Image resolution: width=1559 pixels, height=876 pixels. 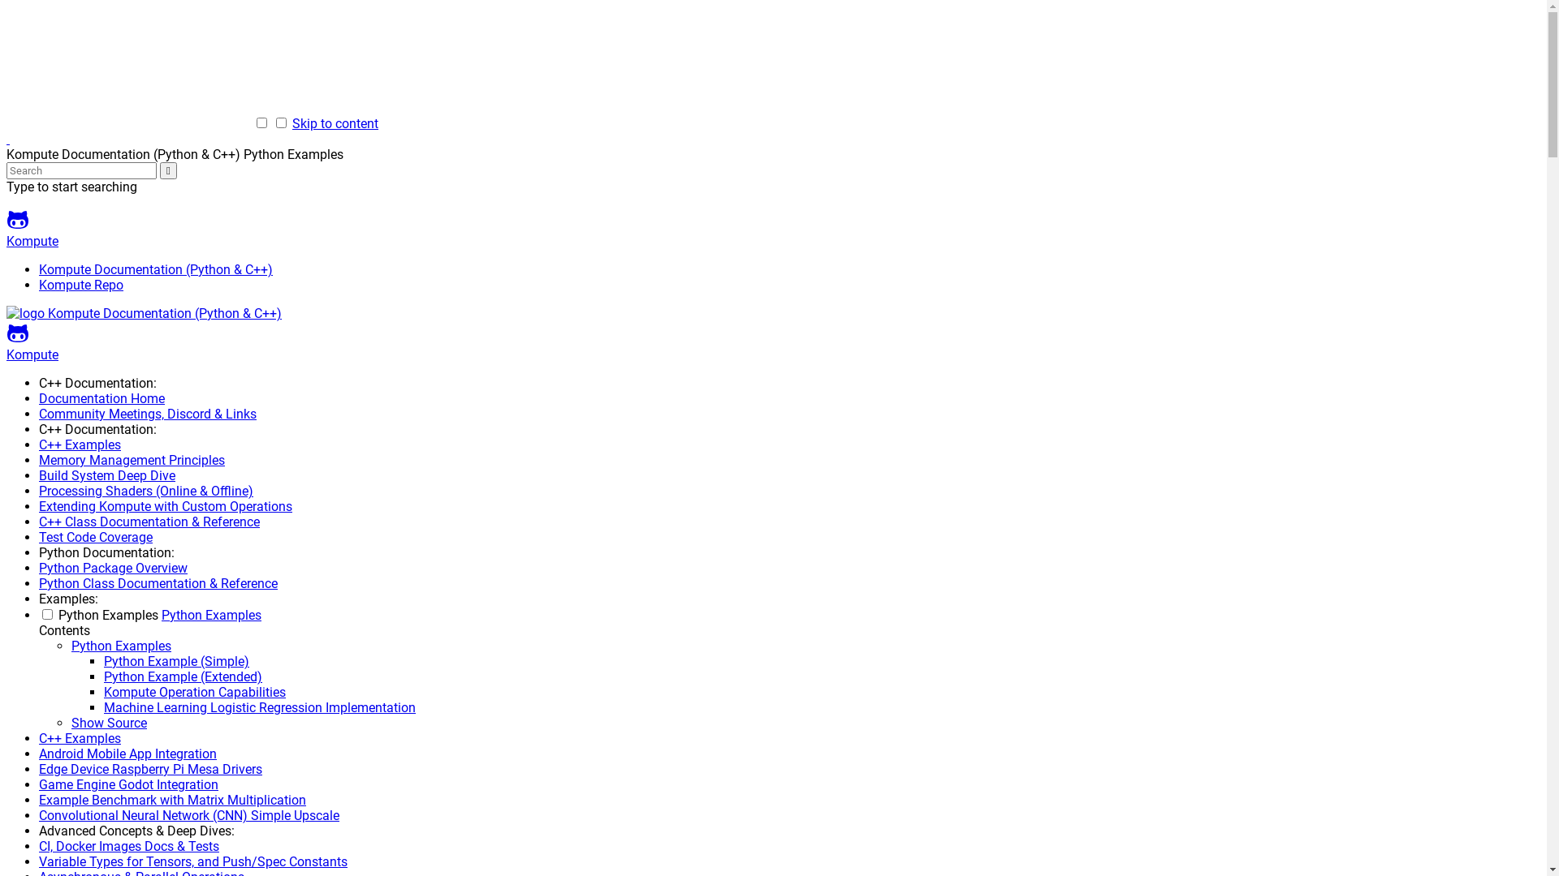 I want to click on 'Kompute', so click(x=772, y=341).